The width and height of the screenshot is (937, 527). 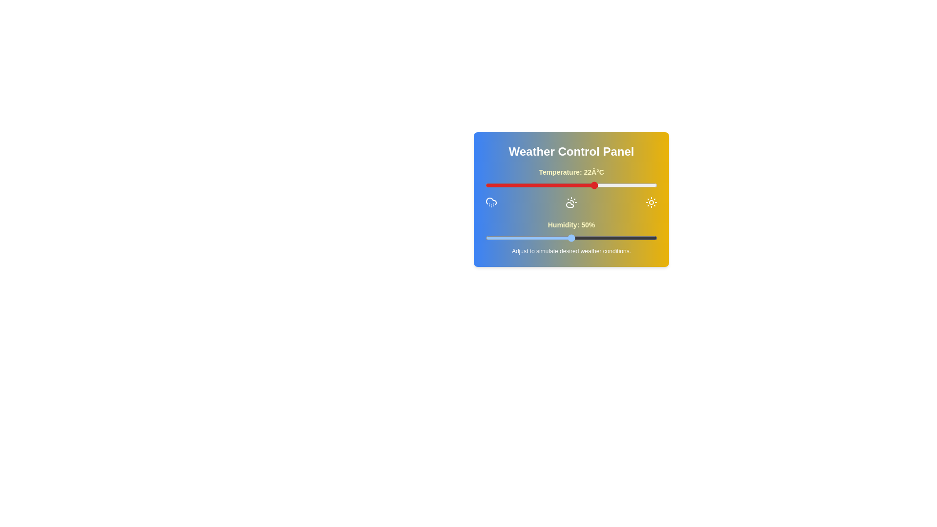 What do you see at coordinates (556, 238) in the screenshot?
I see `the humidity` at bounding box center [556, 238].